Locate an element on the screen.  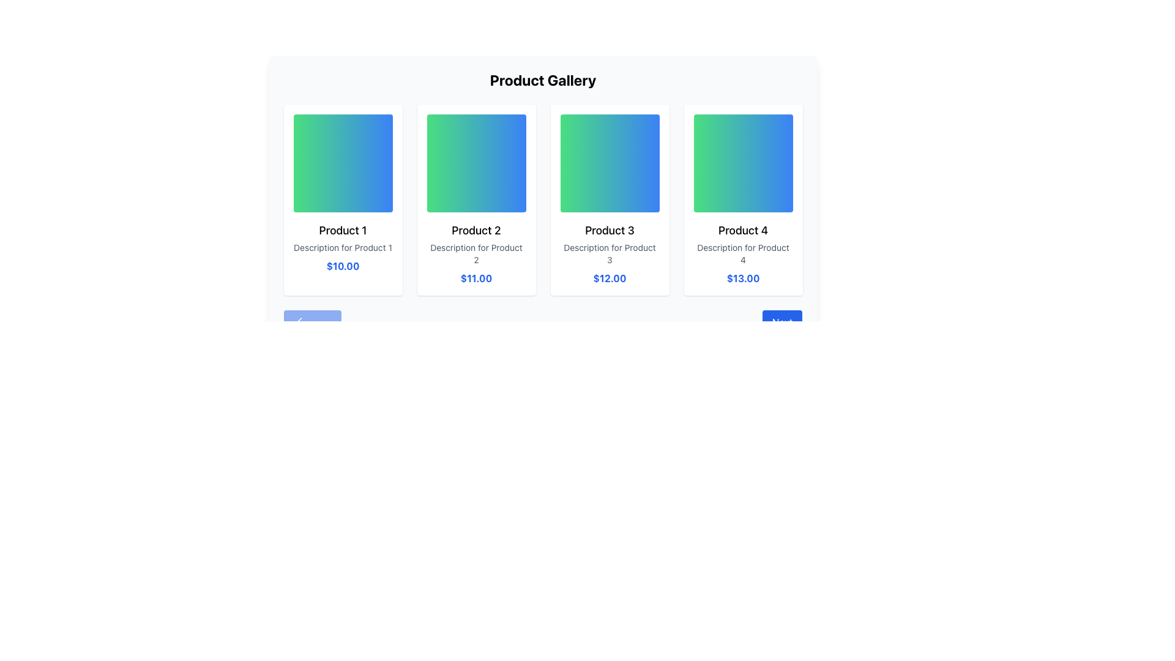
the price text element that displays the price of 'Product 1', located in the bottom-right corner of the product card is located at coordinates (343, 266).